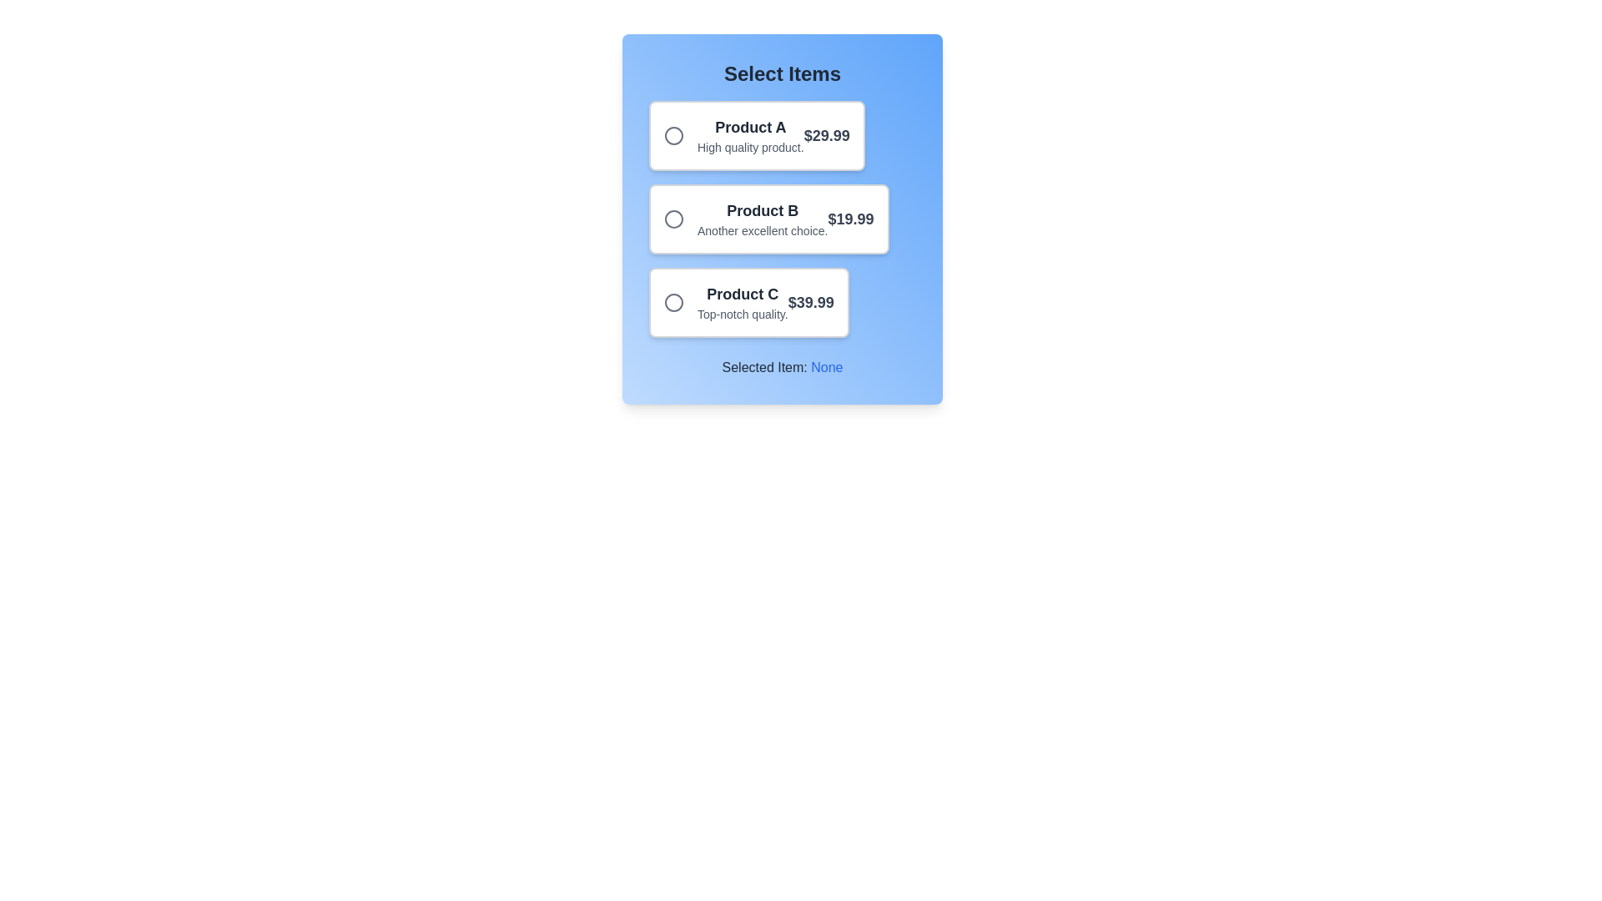 Image resolution: width=1602 pixels, height=901 pixels. I want to click on the static text element displaying 'None' in bold blue font, located to the right of the 'Selected Item:' label on a light blue background, so click(827, 366).